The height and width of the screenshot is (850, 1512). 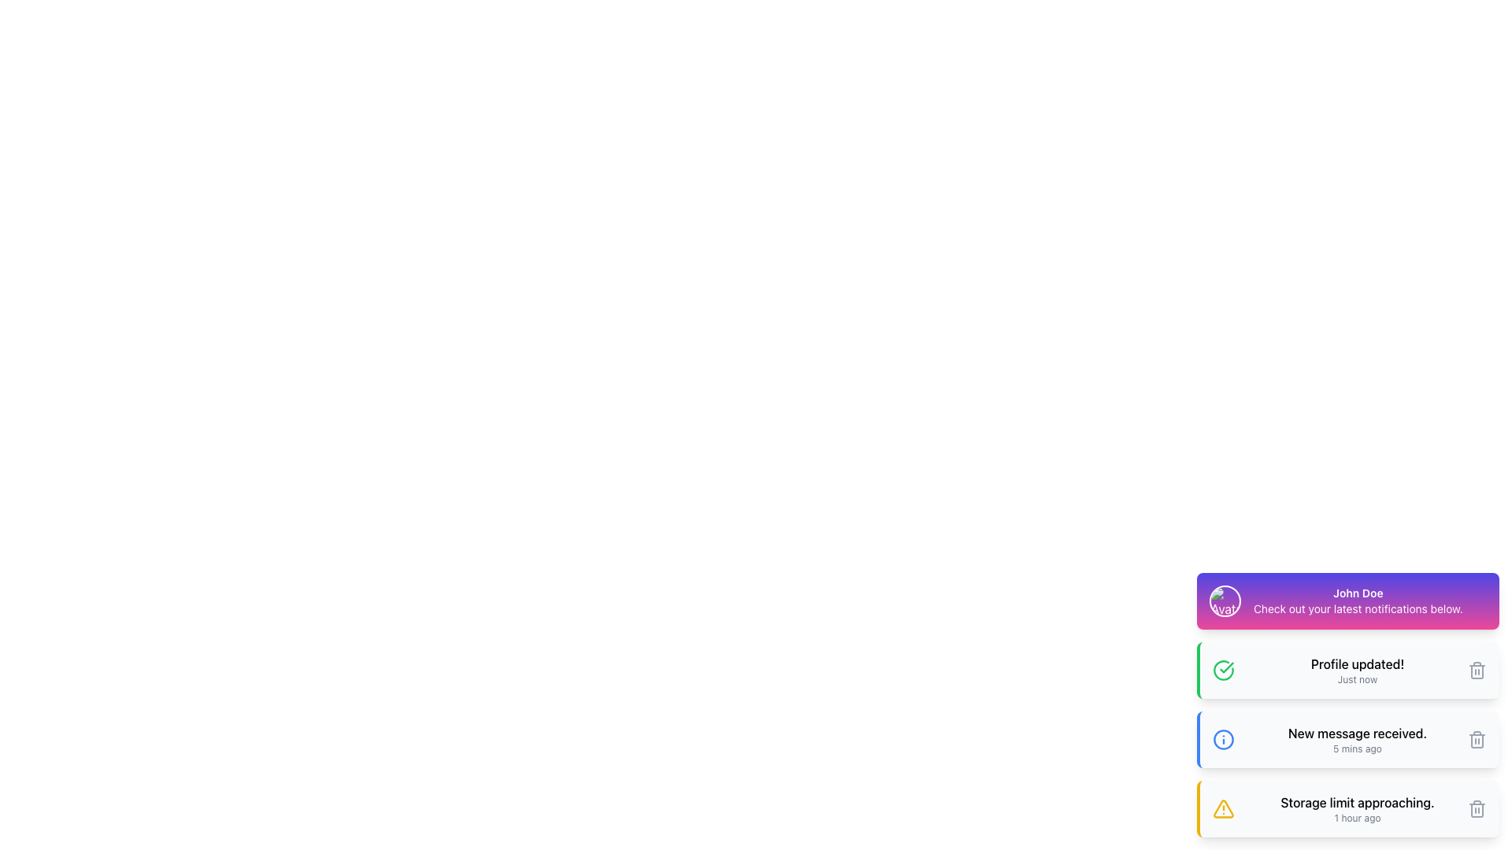 I want to click on the orange-yellow triangular warning icon located on the left side of the third notification card titled 'Storage limit approaching' in the notification list, so click(x=1223, y=808).